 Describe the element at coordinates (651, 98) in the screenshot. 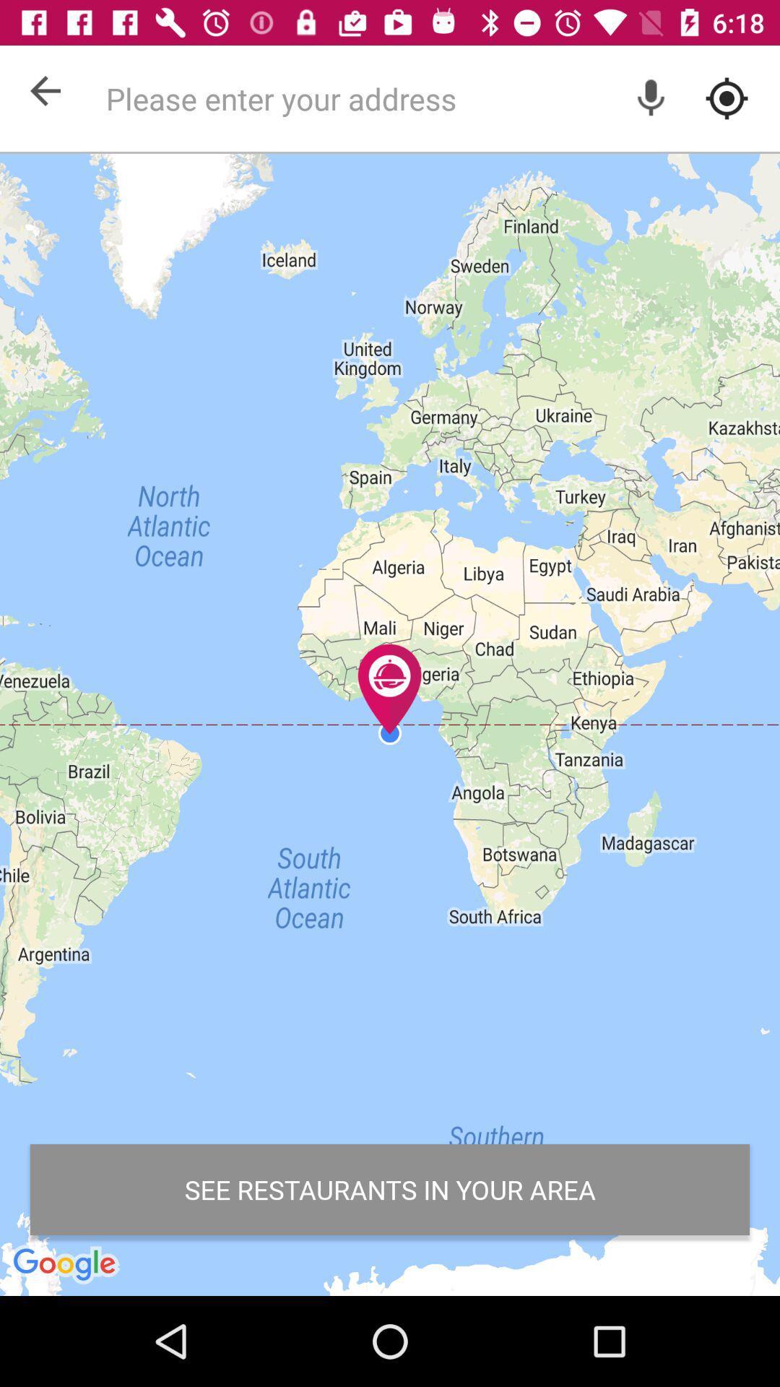

I see `the microphone icon` at that location.